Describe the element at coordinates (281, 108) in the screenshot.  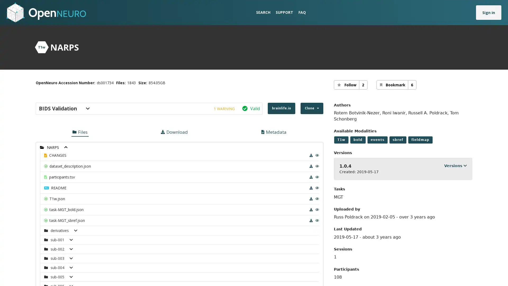
I see `brainlife.io` at that location.